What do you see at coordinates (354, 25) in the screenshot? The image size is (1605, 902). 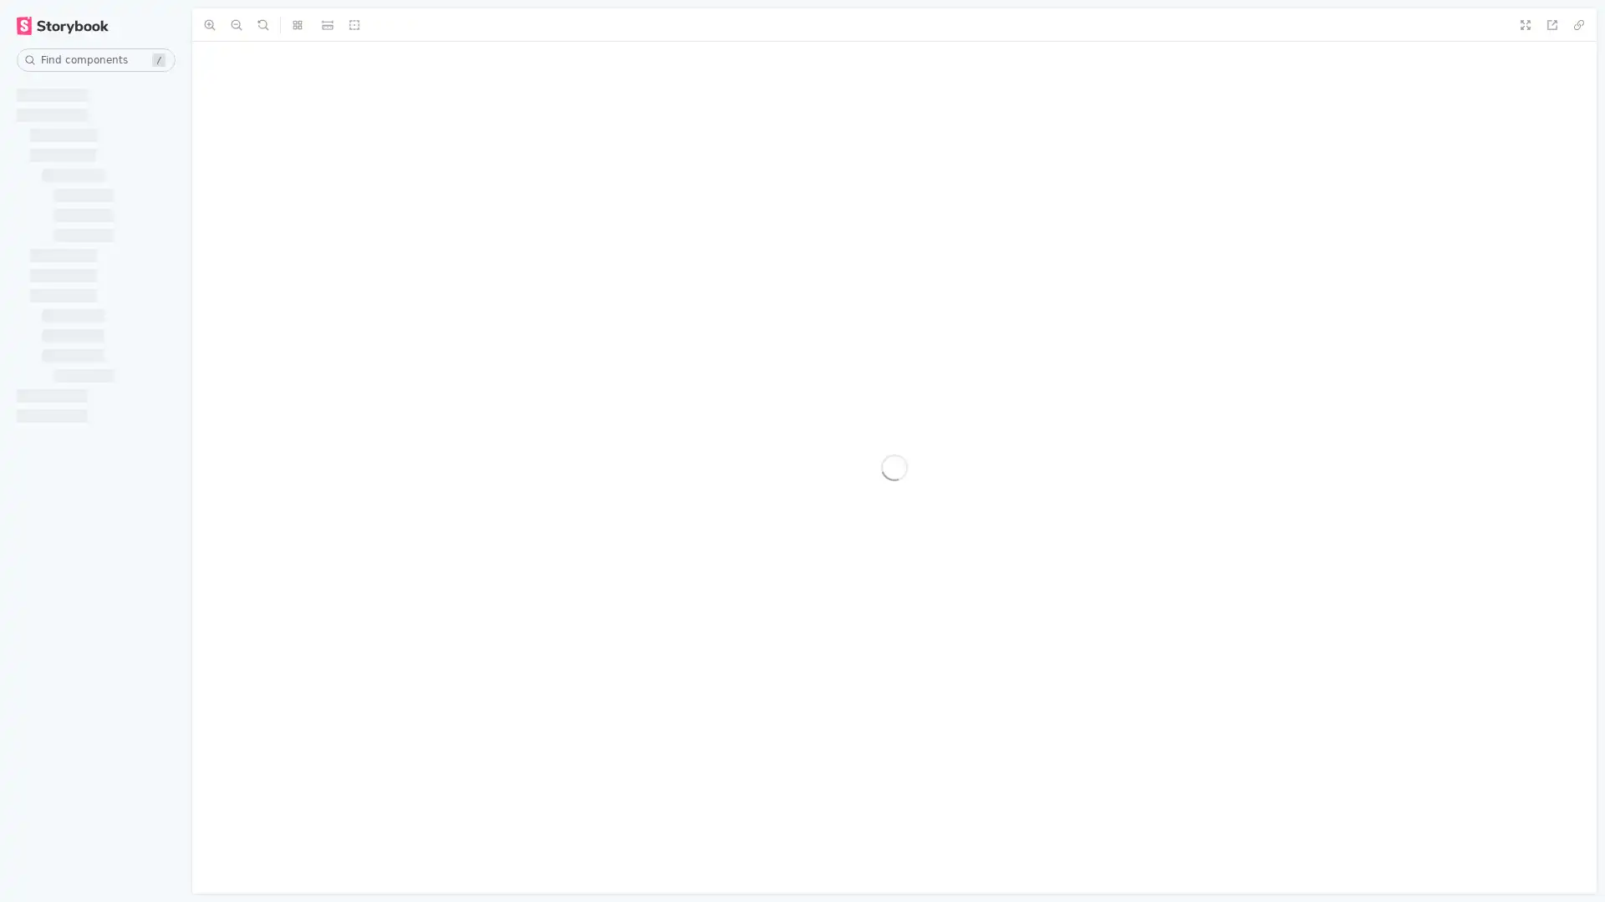 I see `Apply a grid to the preview` at bounding box center [354, 25].